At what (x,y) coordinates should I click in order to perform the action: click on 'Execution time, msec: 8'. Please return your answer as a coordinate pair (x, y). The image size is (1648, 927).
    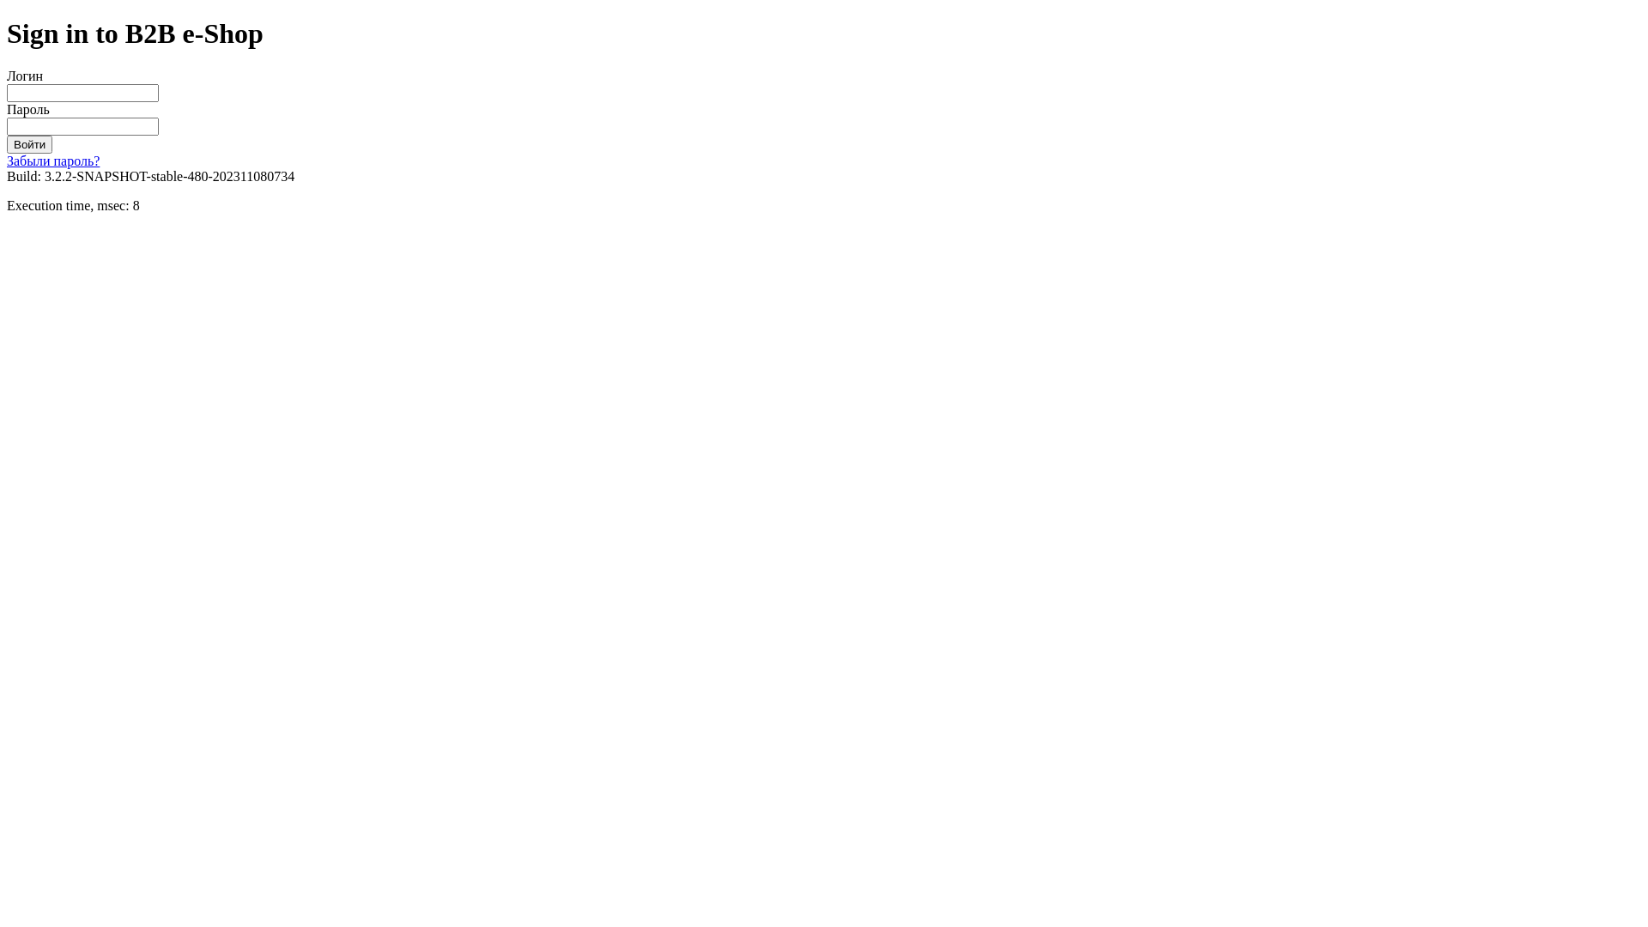
    Looking at the image, I should click on (72, 204).